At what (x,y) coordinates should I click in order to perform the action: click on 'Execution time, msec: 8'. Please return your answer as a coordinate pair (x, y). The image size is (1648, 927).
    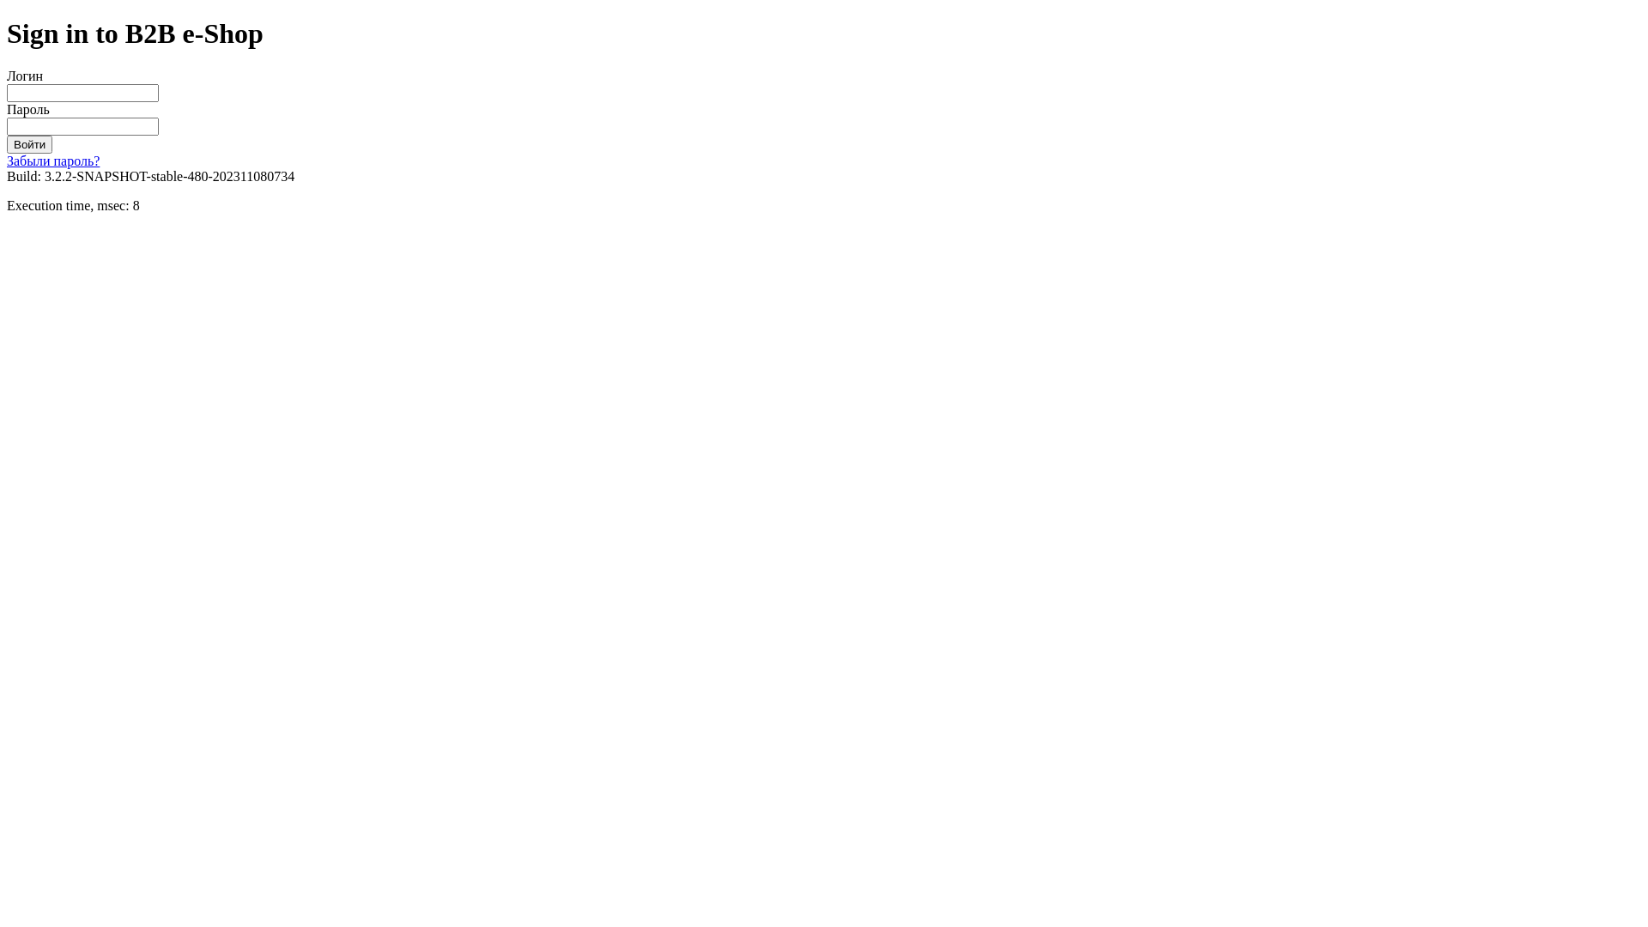
    Looking at the image, I should click on (72, 204).